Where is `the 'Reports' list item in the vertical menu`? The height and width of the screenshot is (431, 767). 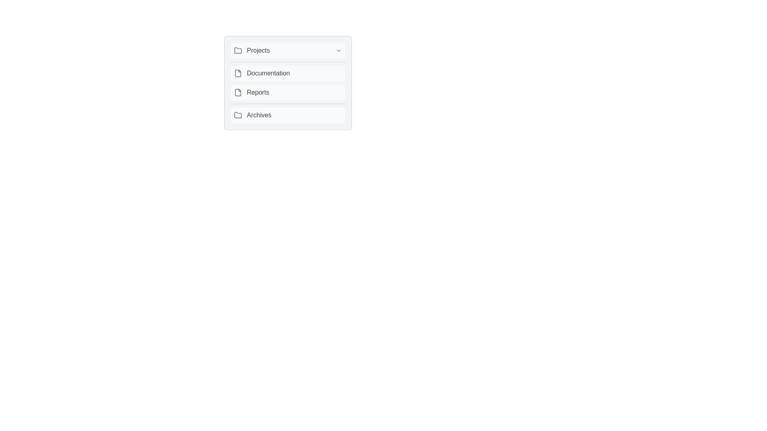 the 'Reports' list item in the vertical menu is located at coordinates (288, 92).